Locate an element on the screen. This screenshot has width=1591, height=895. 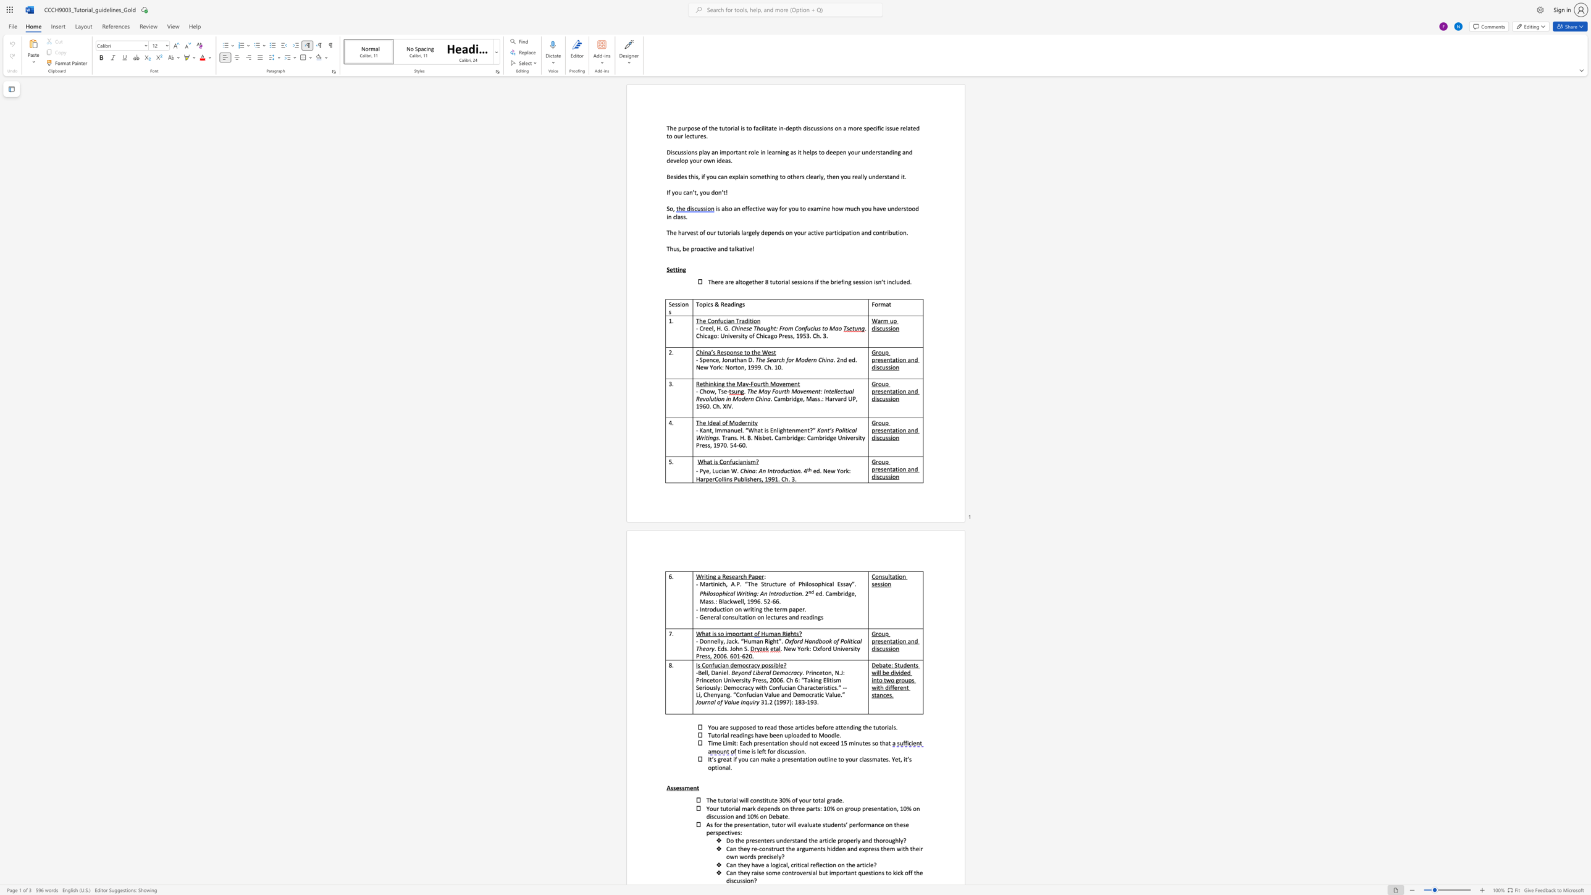
the subset text "s?" within the text "Human Rights?" is located at coordinates (795, 634).